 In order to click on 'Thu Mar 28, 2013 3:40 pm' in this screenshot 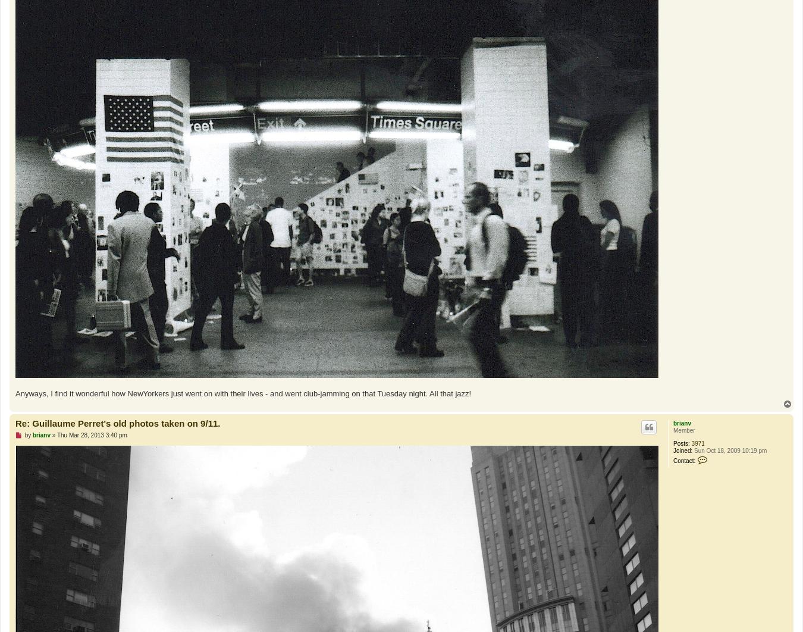, I will do `click(92, 435)`.